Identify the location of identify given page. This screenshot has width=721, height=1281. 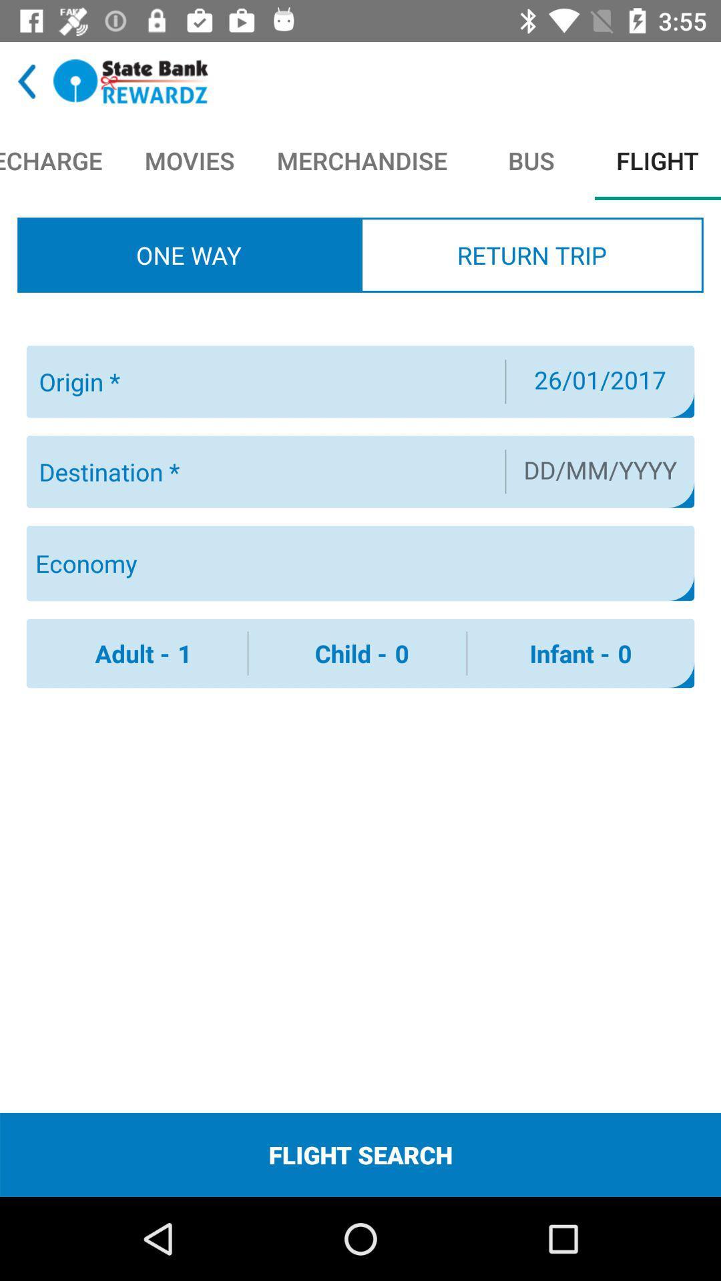
(131, 81).